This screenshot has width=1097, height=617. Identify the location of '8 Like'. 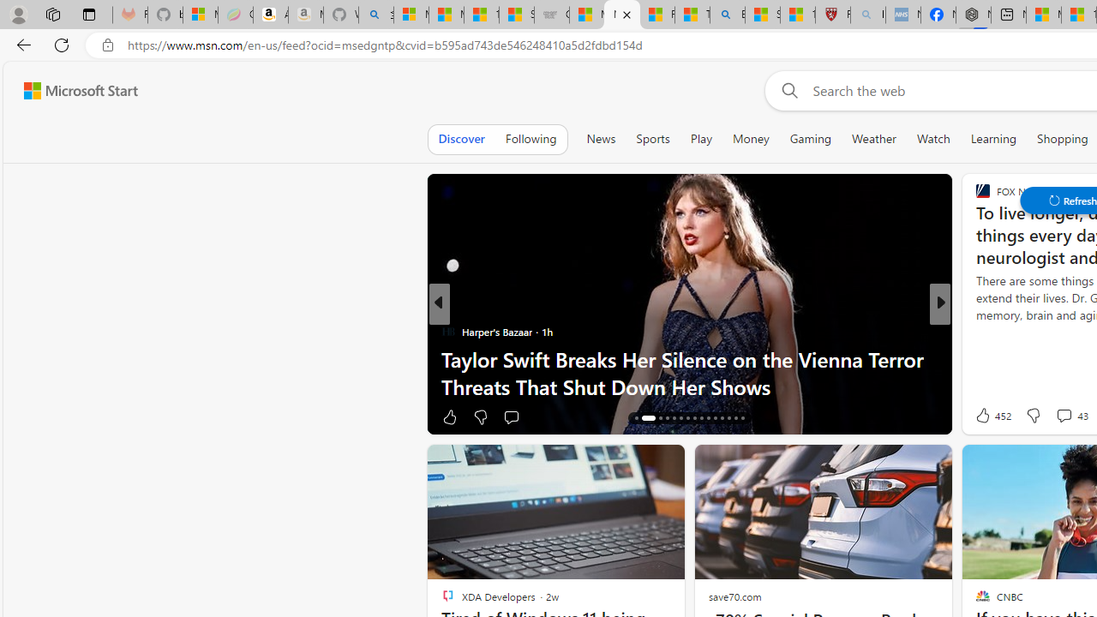
(981, 416).